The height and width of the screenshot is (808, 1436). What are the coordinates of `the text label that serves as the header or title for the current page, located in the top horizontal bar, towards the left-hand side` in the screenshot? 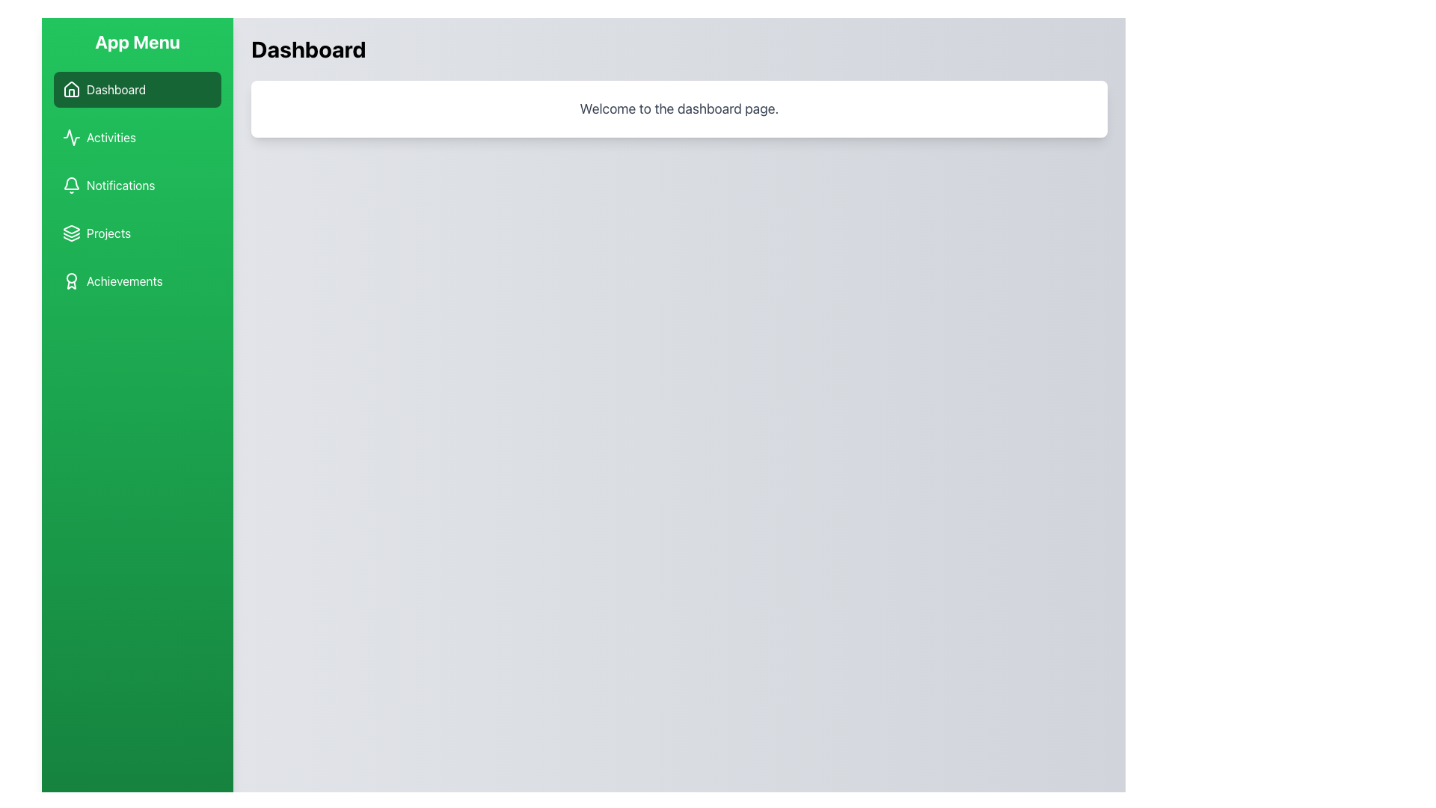 It's located at (307, 48).